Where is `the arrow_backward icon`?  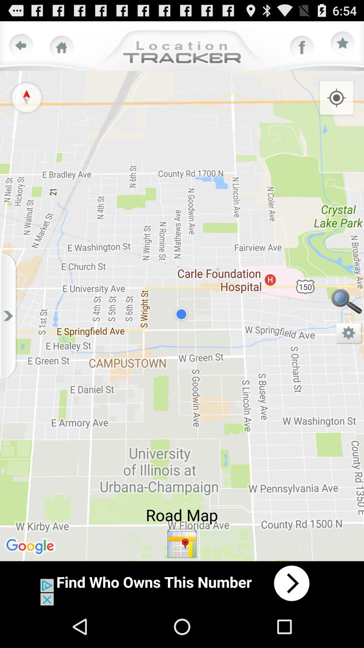 the arrow_backward icon is located at coordinates (21, 49).